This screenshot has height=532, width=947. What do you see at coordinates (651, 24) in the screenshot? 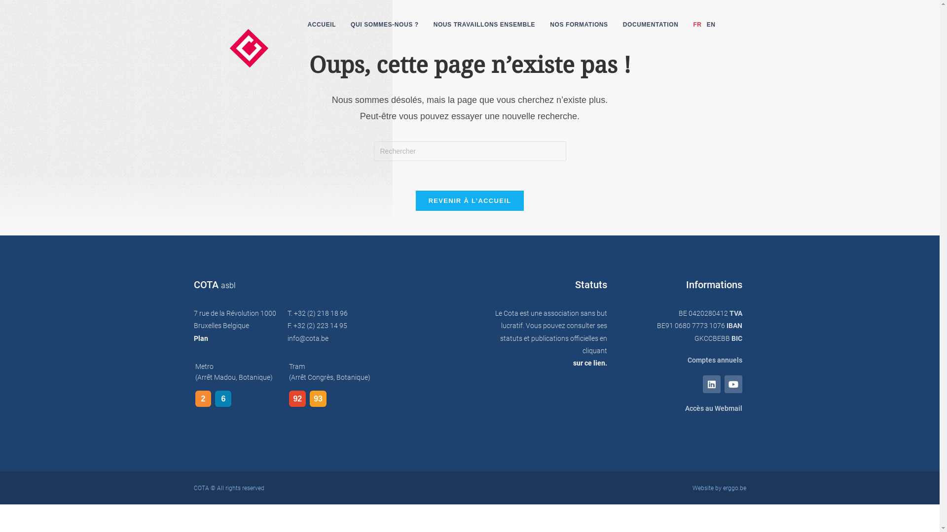
I see `'DOCUMENTATION'` at bounding box center [651, 24].